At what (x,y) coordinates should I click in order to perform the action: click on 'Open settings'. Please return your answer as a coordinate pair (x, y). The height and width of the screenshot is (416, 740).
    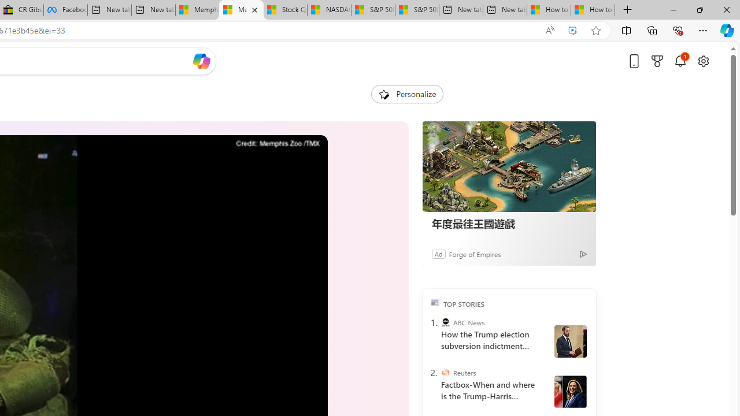
    Looking at the image, I should click on (702, 61).